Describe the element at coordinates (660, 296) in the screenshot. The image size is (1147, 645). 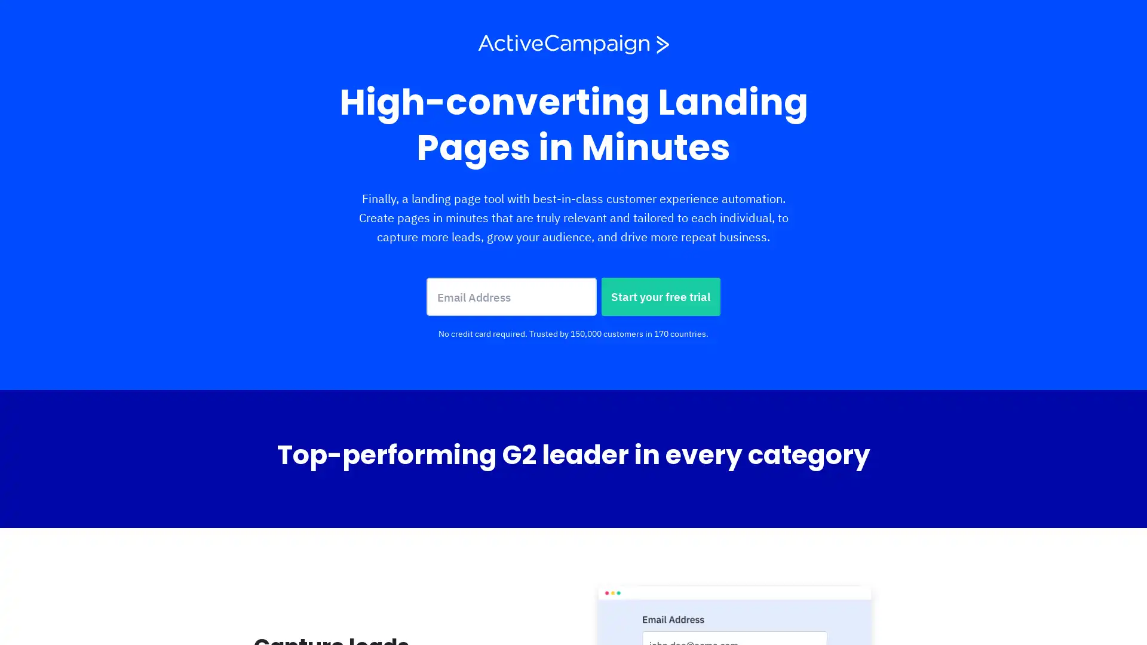
I see `Start your free trial` at that location.